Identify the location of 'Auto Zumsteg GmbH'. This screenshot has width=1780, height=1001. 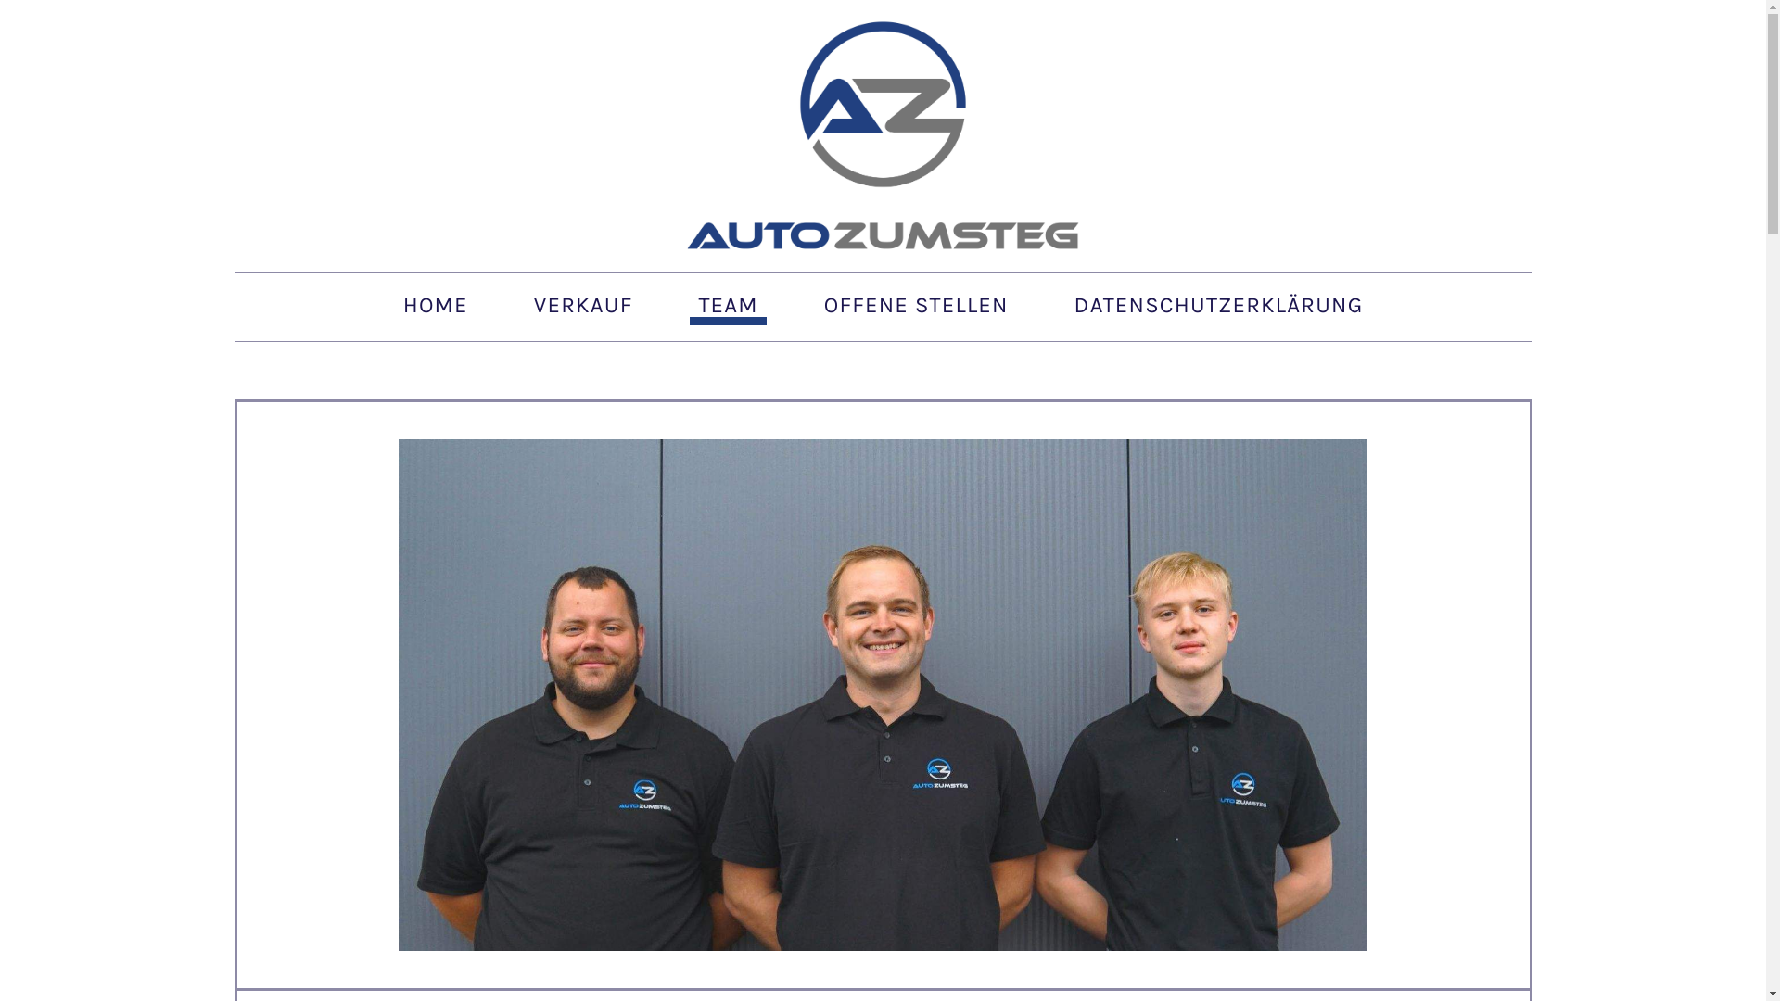
(882, 134).